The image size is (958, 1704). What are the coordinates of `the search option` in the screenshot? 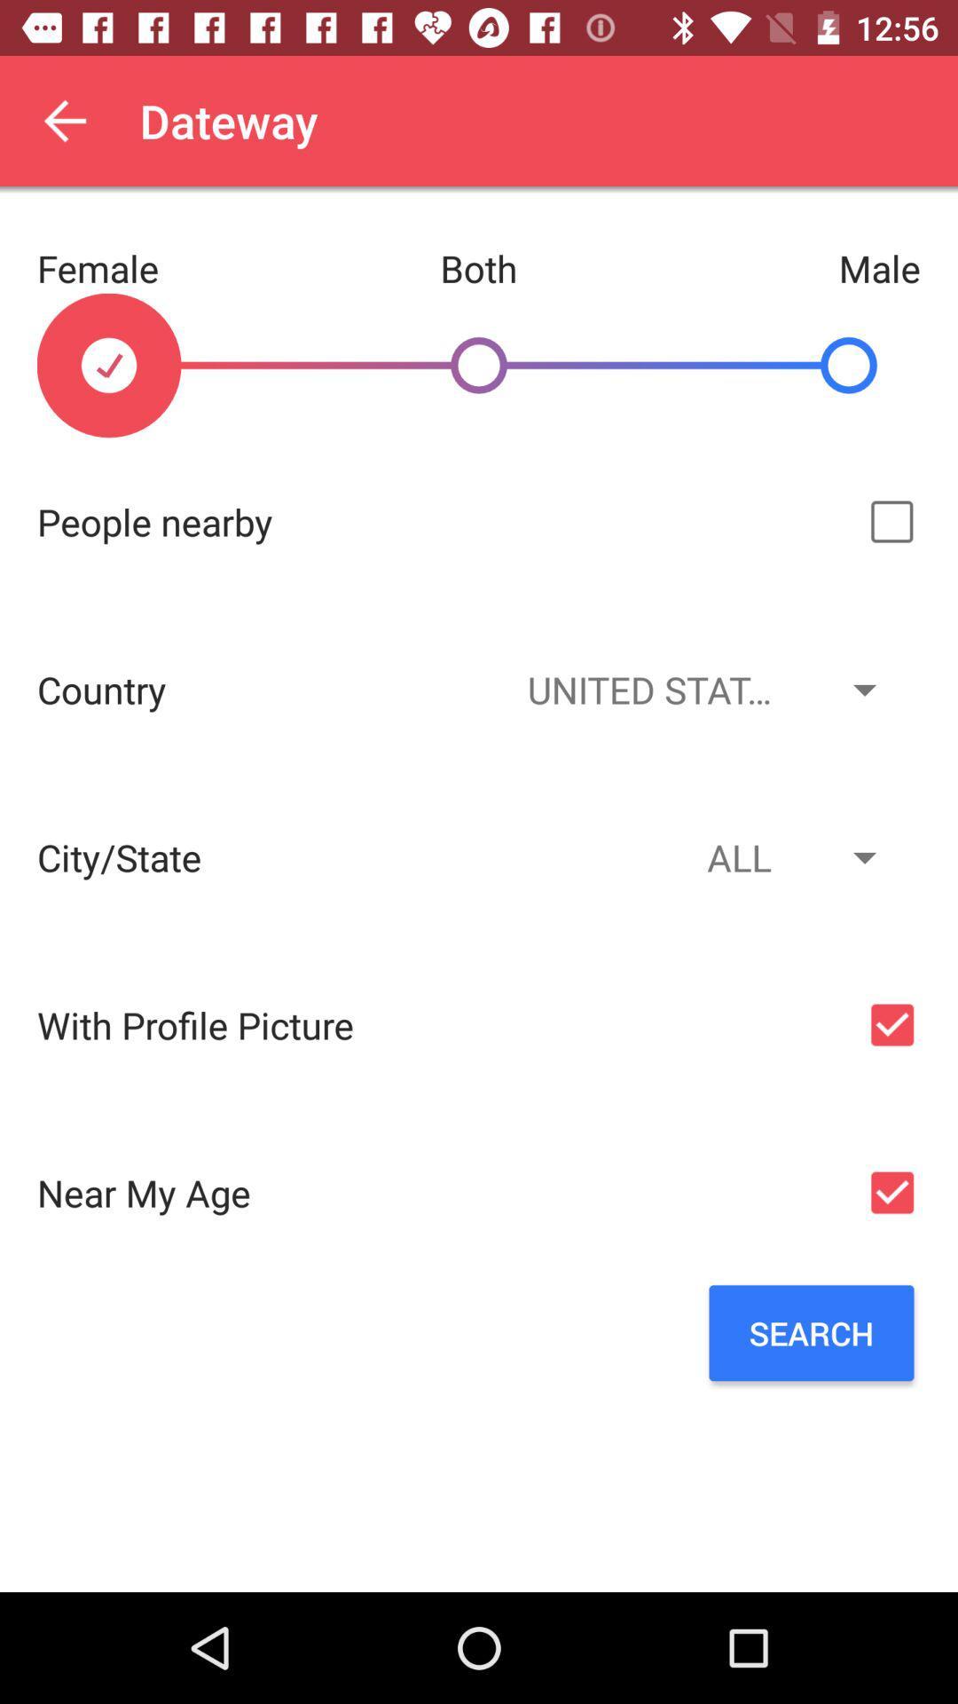 It's located at (811, 1333).